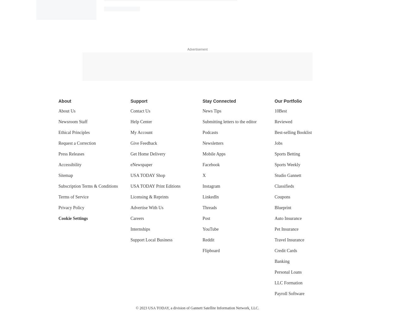 This screenshot has height=327, width=395. What do you see at coordinates (282, 261) in the screenshot?
I see `'Banking'` at bounding box center [282, 261].